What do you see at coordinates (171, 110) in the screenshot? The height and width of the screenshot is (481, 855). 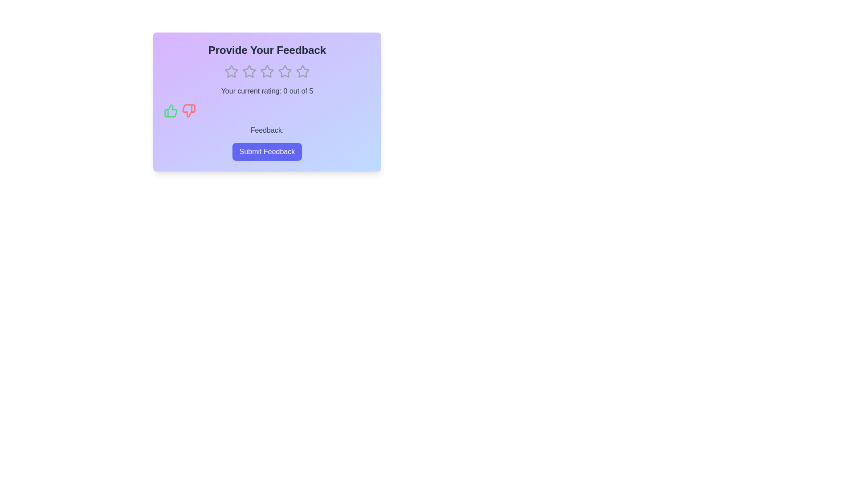 I see `the thumbs-up icon to provide positive feedback` at bounding box center [171, 110].